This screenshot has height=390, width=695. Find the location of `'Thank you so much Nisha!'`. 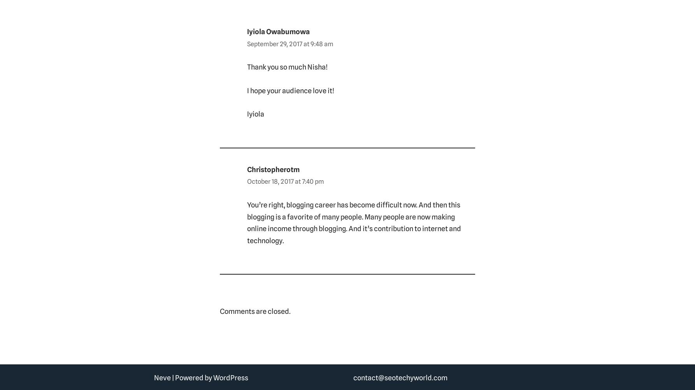

'Thank you so much Nisha!' is located at coordinates (247, 66).